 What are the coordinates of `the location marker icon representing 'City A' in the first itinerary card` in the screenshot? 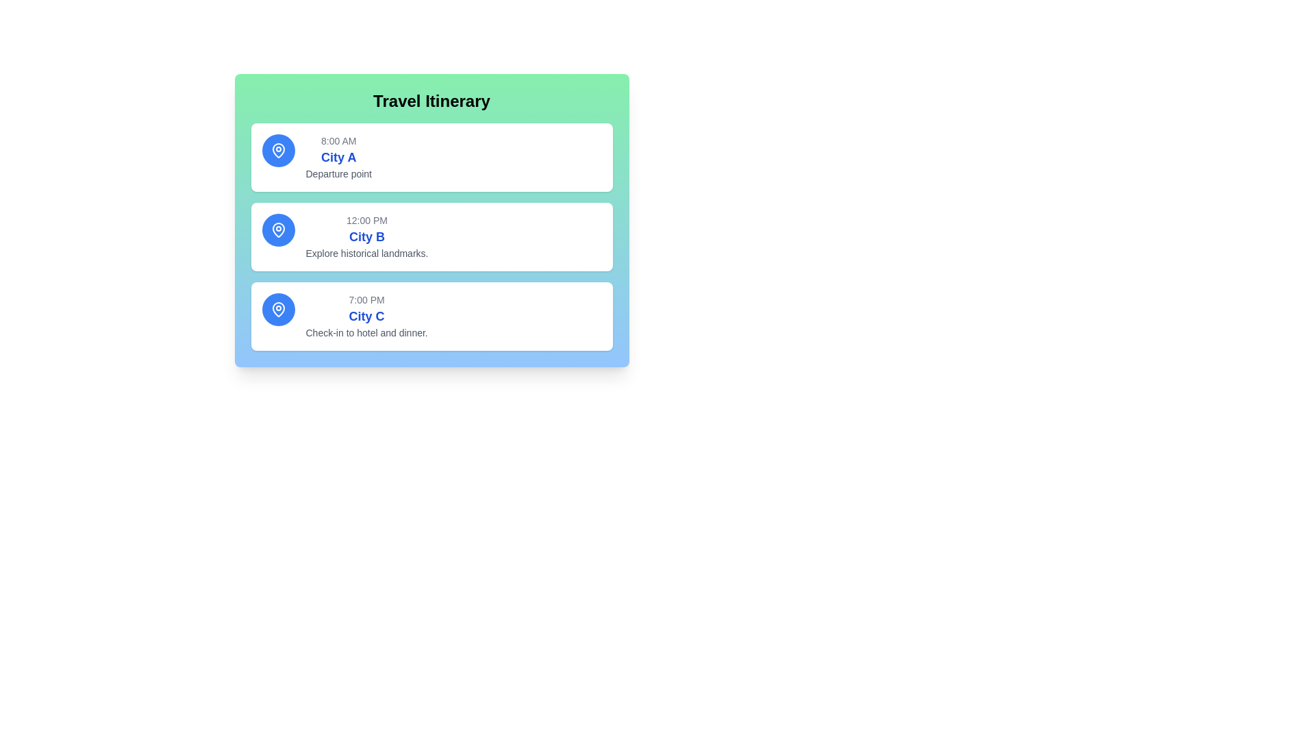 It's located at (277, 309).